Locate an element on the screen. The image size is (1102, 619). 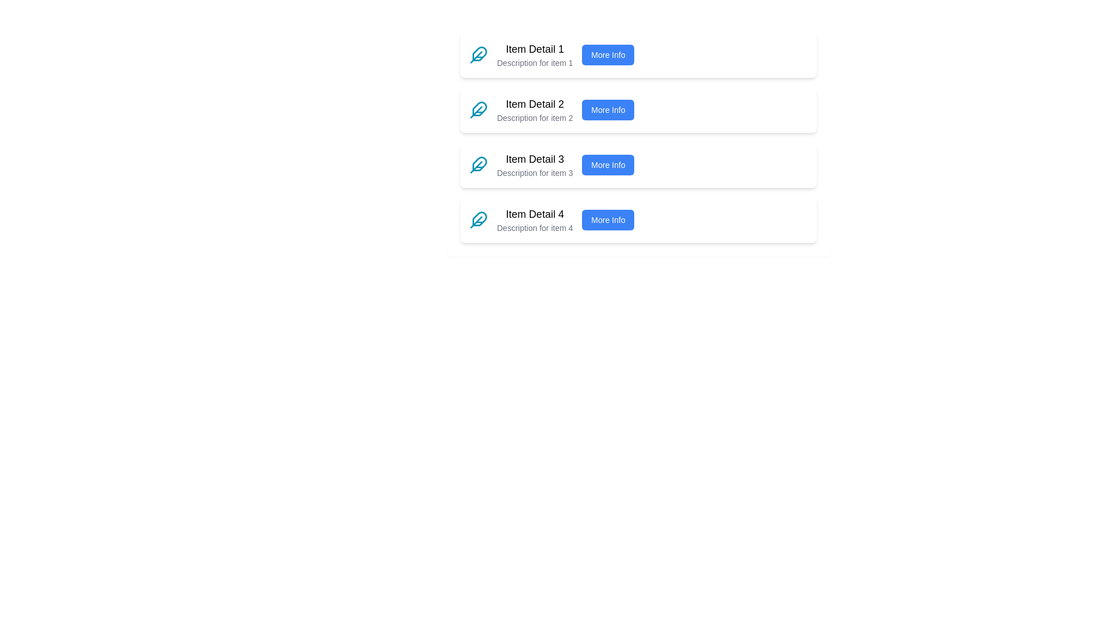
the decorative icon located to the left of the text 'Item Detail 3' in the third row of the list is located at coordinates (479, 163).